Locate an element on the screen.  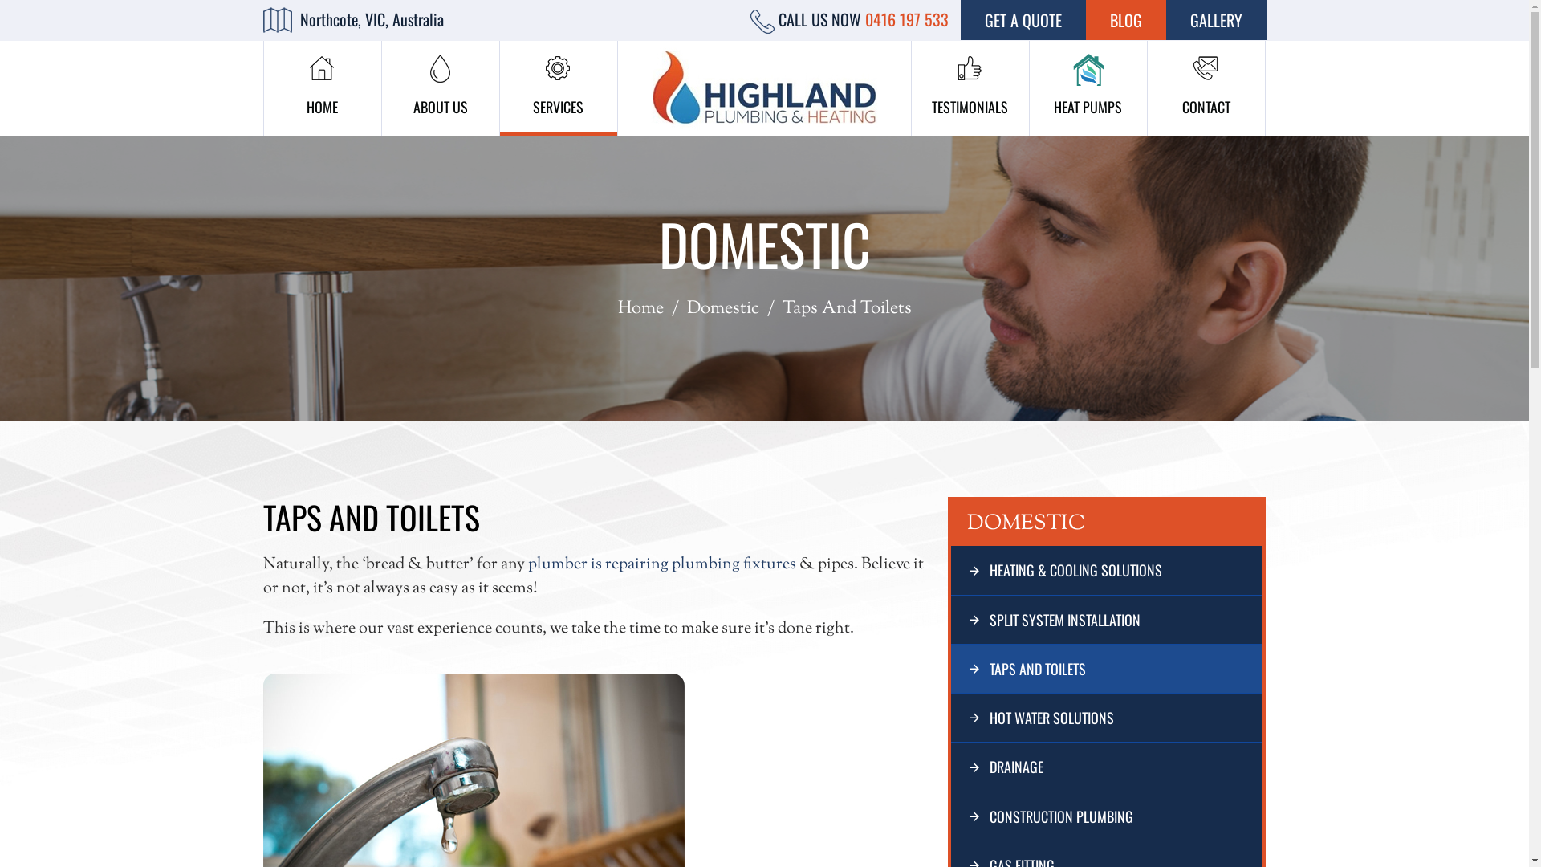
'DRAINAGE' is located at coordinates (1106, 766).